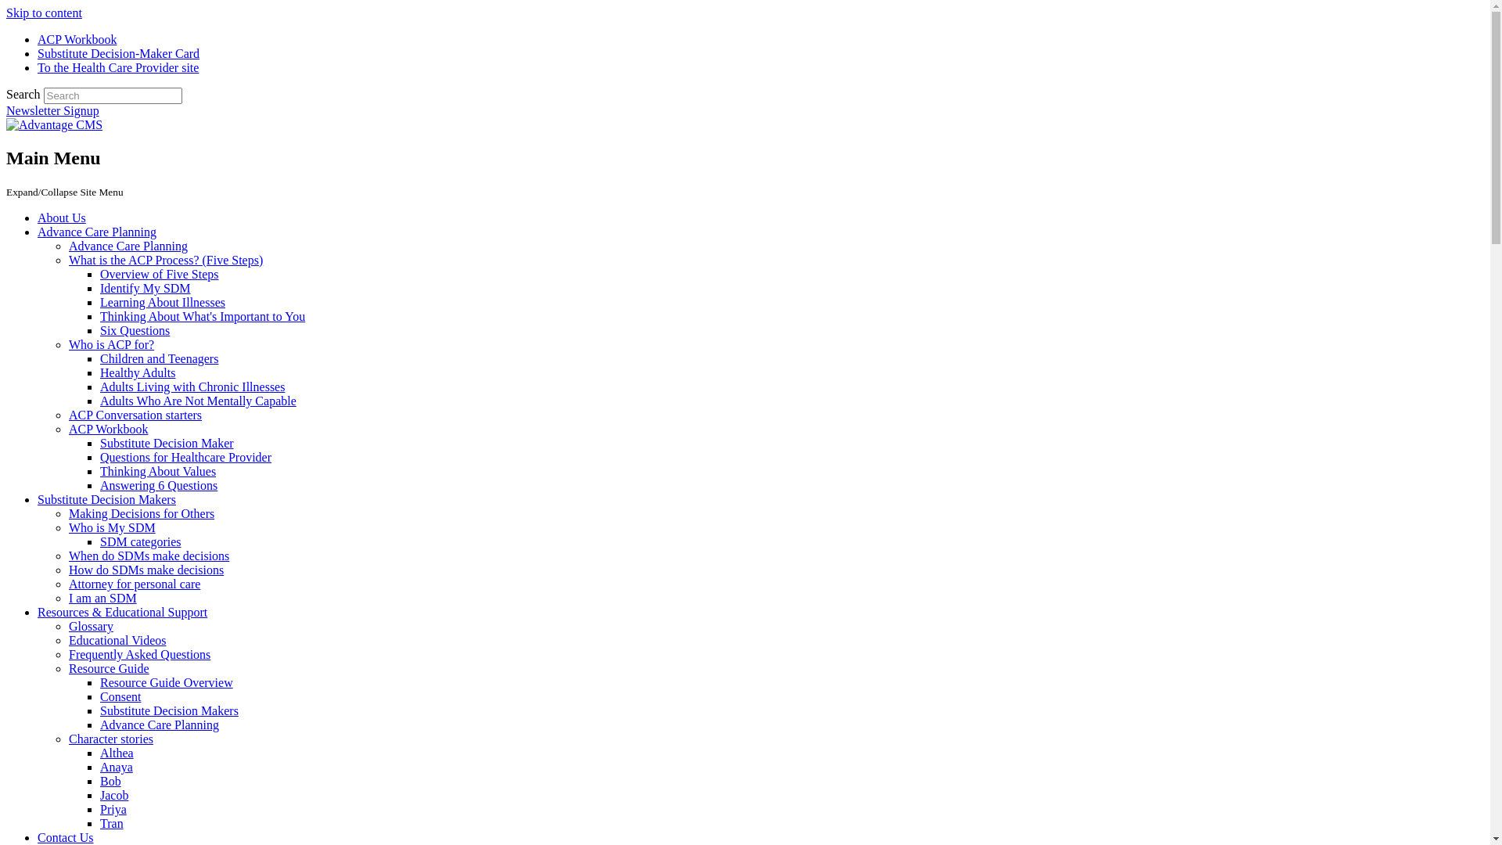  Describe the element at coordinates (113, 795) in the screenshot. I see `'Jacob'` at that location.